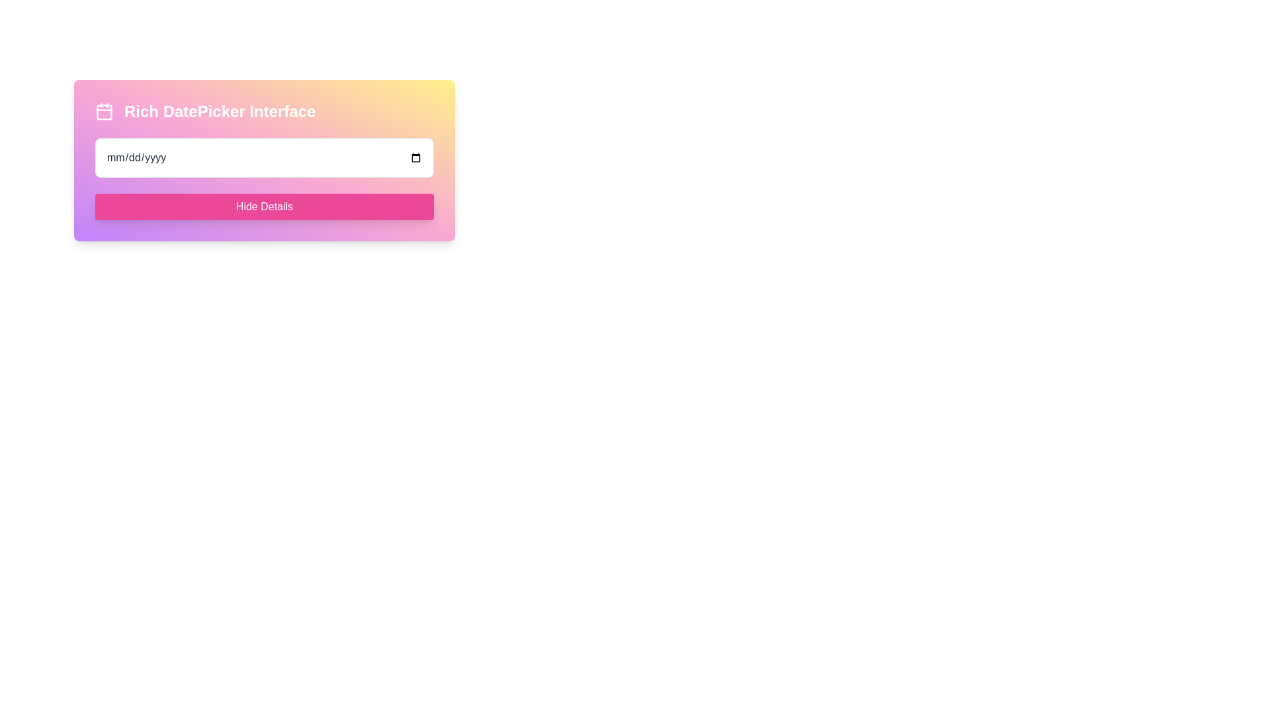  What do you see at coordinates (104, 111) in the screenshot?
I see `the date-related icon located at the upper-left of the 'Rich DatePicker Interface' header` at bounding box center [104, 111].